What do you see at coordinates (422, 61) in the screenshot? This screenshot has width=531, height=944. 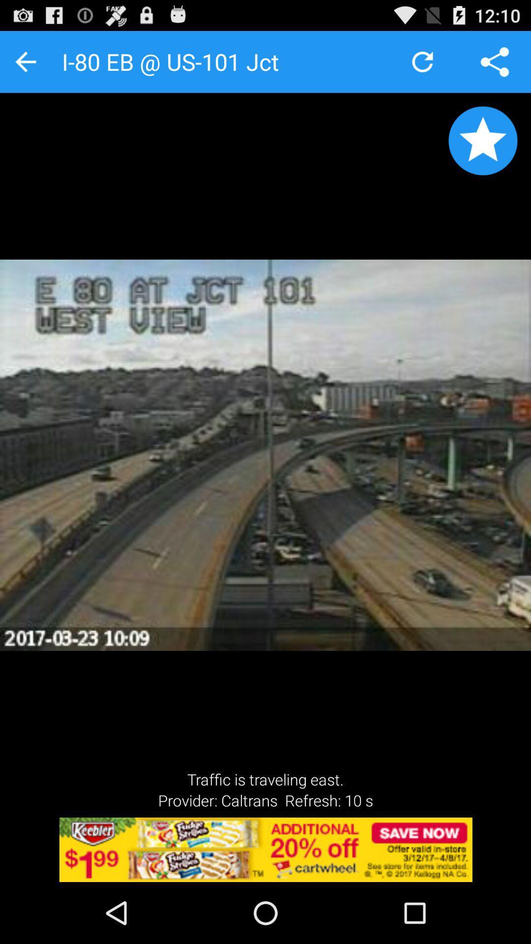 I see `refresh` at bounding box center [422, 61].